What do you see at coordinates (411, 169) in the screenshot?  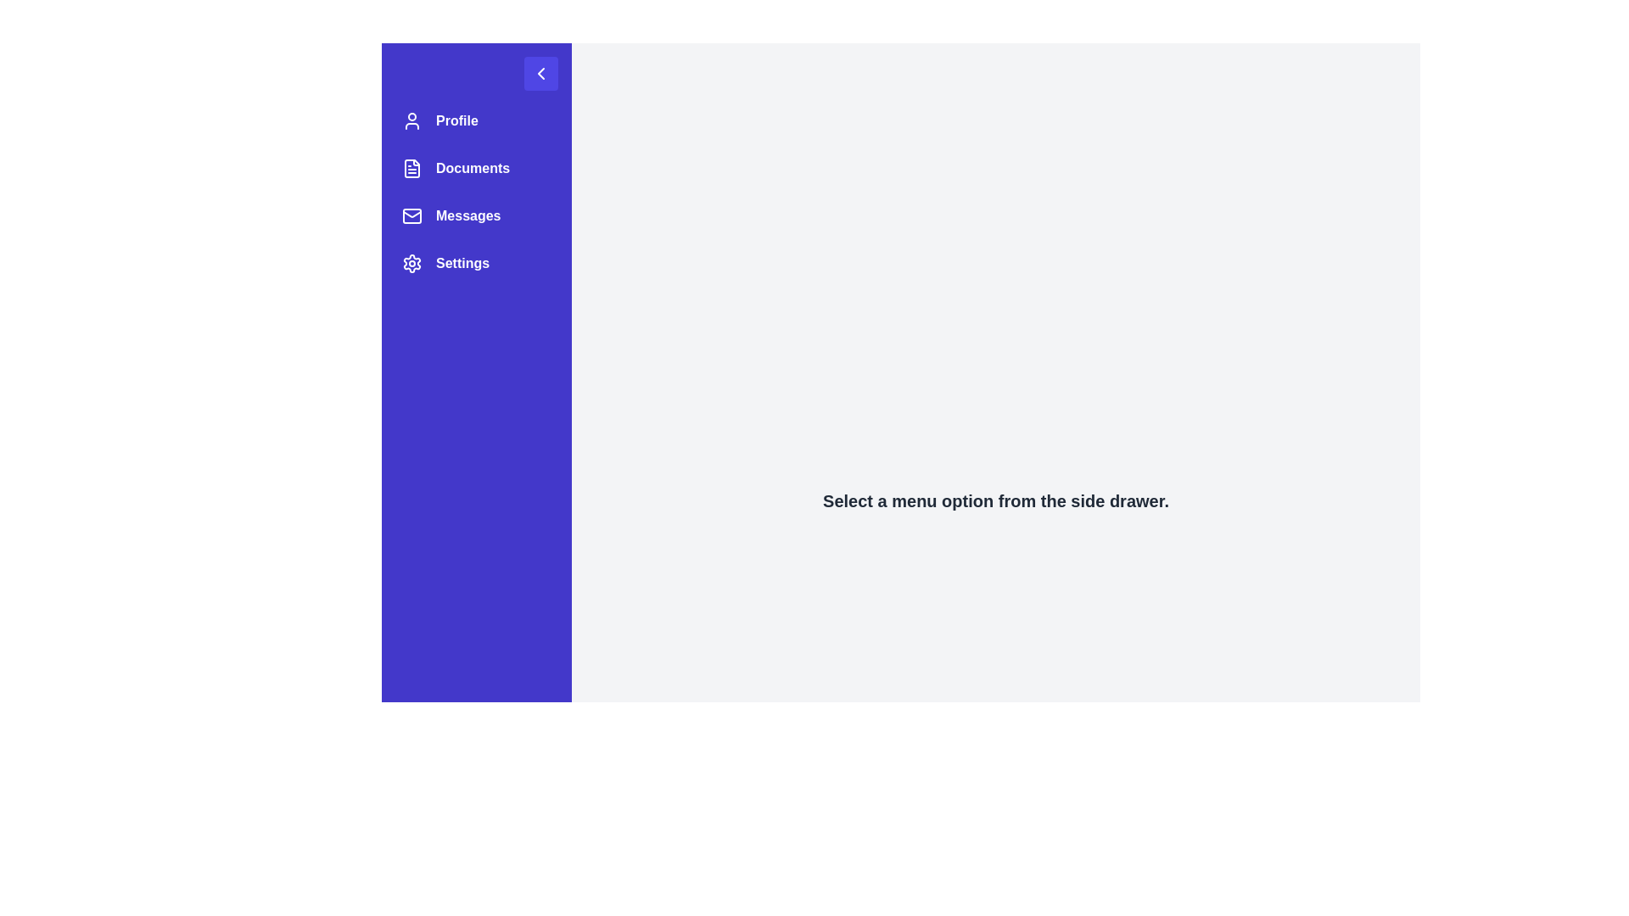 I see `the sidebar menu icon labeled 'Documents', which is a rectangular icon with rounded corners in a purple color palette, positioned between 'Profile' and 'Messages'` at bounding box center [411, 169].